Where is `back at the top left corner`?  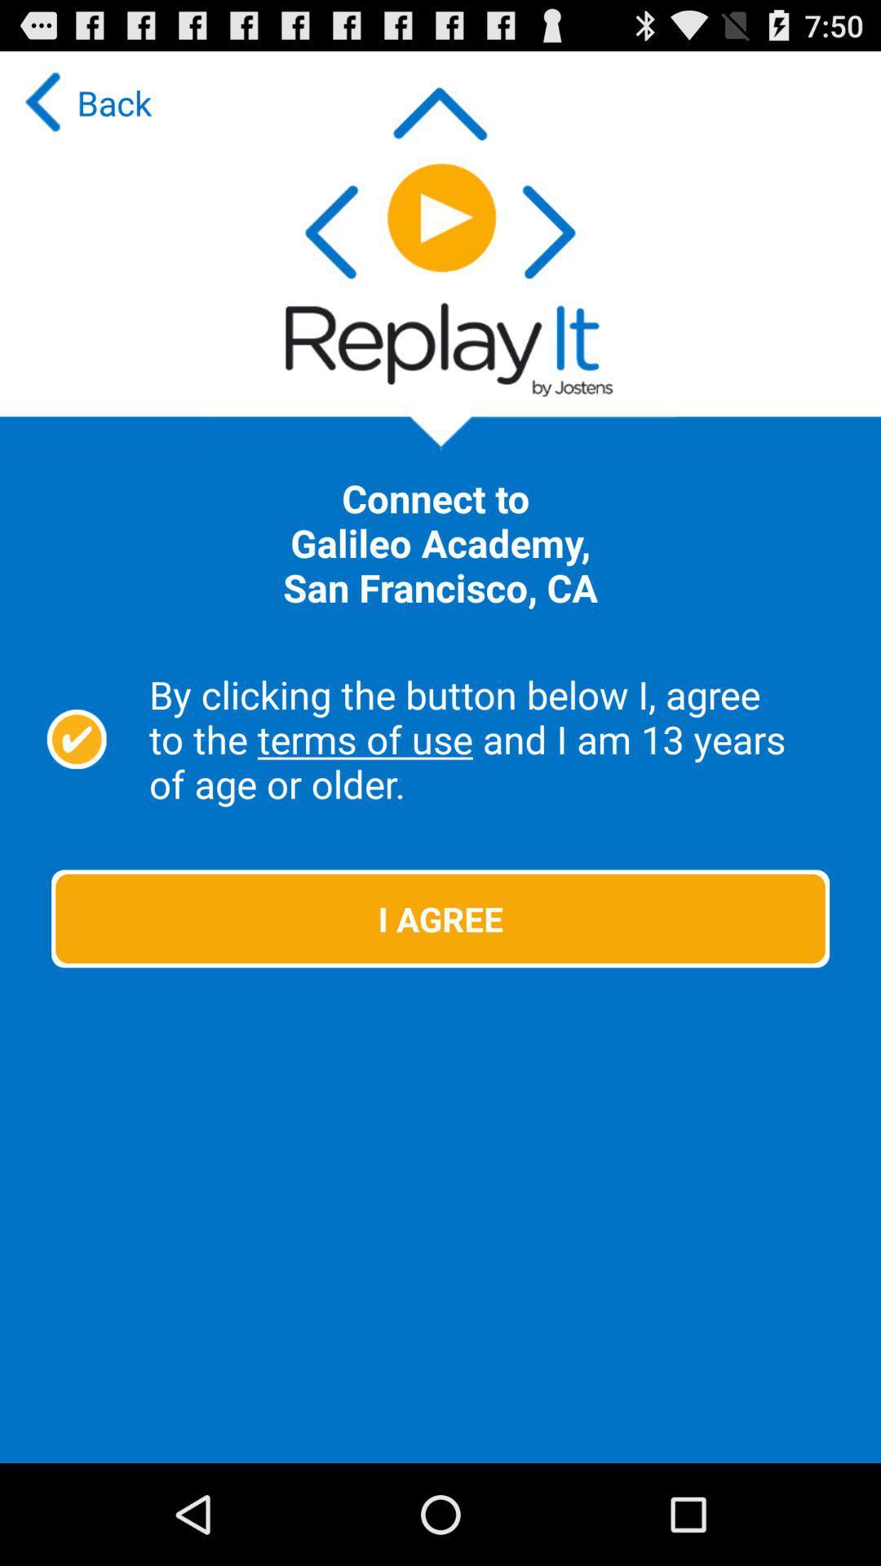
back at the top left corner is located at coordinates (84, 101).